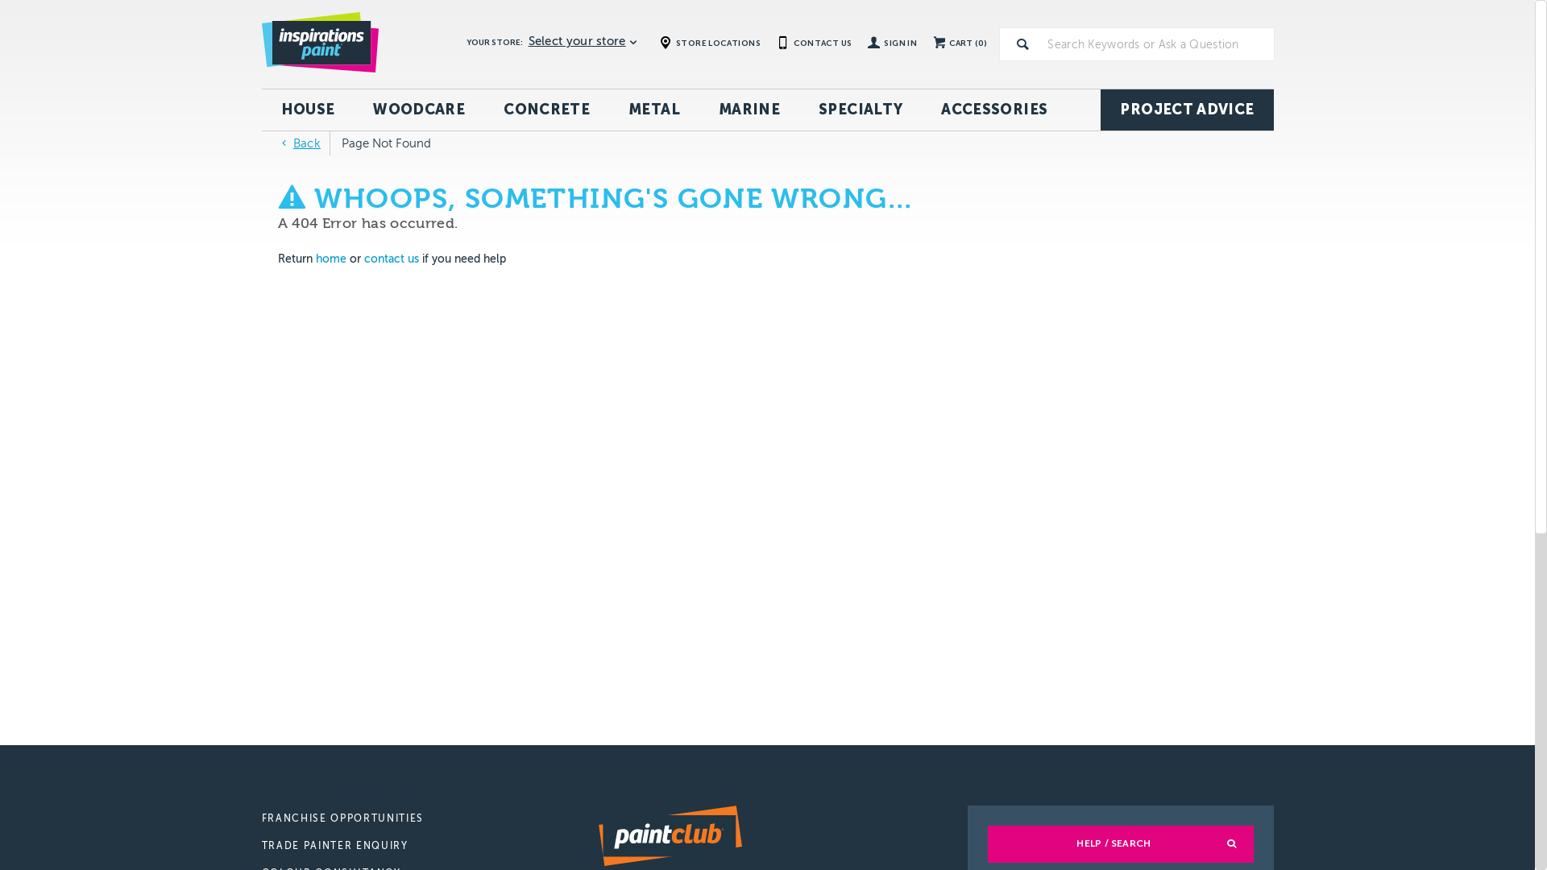 The image size is (1547, 870). Describe the element at coordinates (993, 109) in the screenshot. I see `'ACCESSORIES'` at that location.